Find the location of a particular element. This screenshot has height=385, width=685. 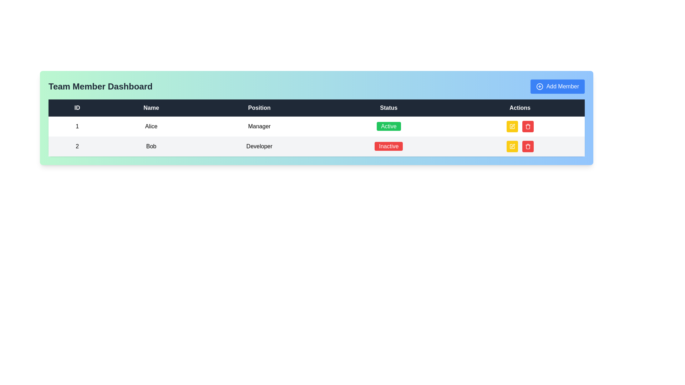

the small yellow square edit button with a white border in the second row of the table under the 'Actions' column is located at coordinates (512, 146).